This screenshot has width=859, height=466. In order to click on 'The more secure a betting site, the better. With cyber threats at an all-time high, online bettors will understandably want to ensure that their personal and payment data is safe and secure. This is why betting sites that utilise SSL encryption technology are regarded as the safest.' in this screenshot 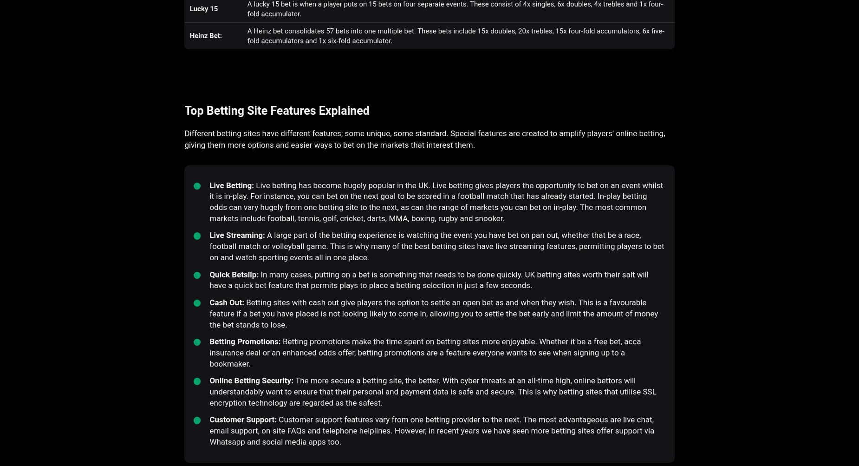, I will do `click(432, 391)`.